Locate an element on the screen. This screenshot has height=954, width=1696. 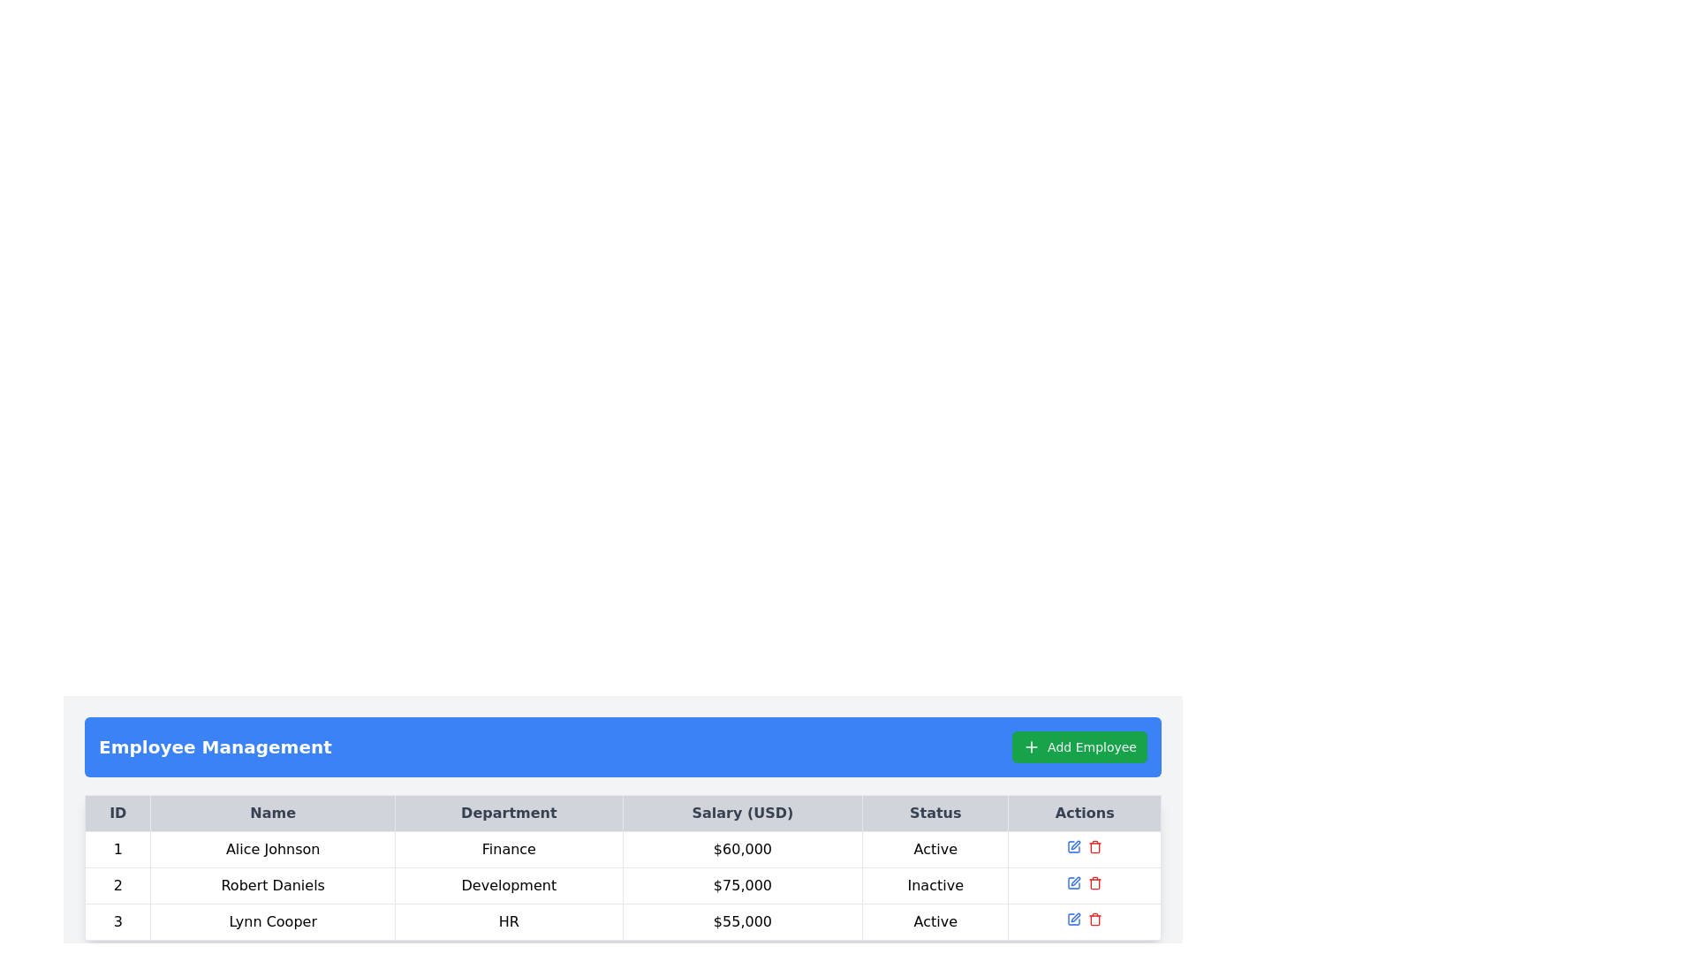
the plus sign icon within the green 'Add Employee' button located in the top-right corner above the employee management table is located at coordinates (1032, 746).